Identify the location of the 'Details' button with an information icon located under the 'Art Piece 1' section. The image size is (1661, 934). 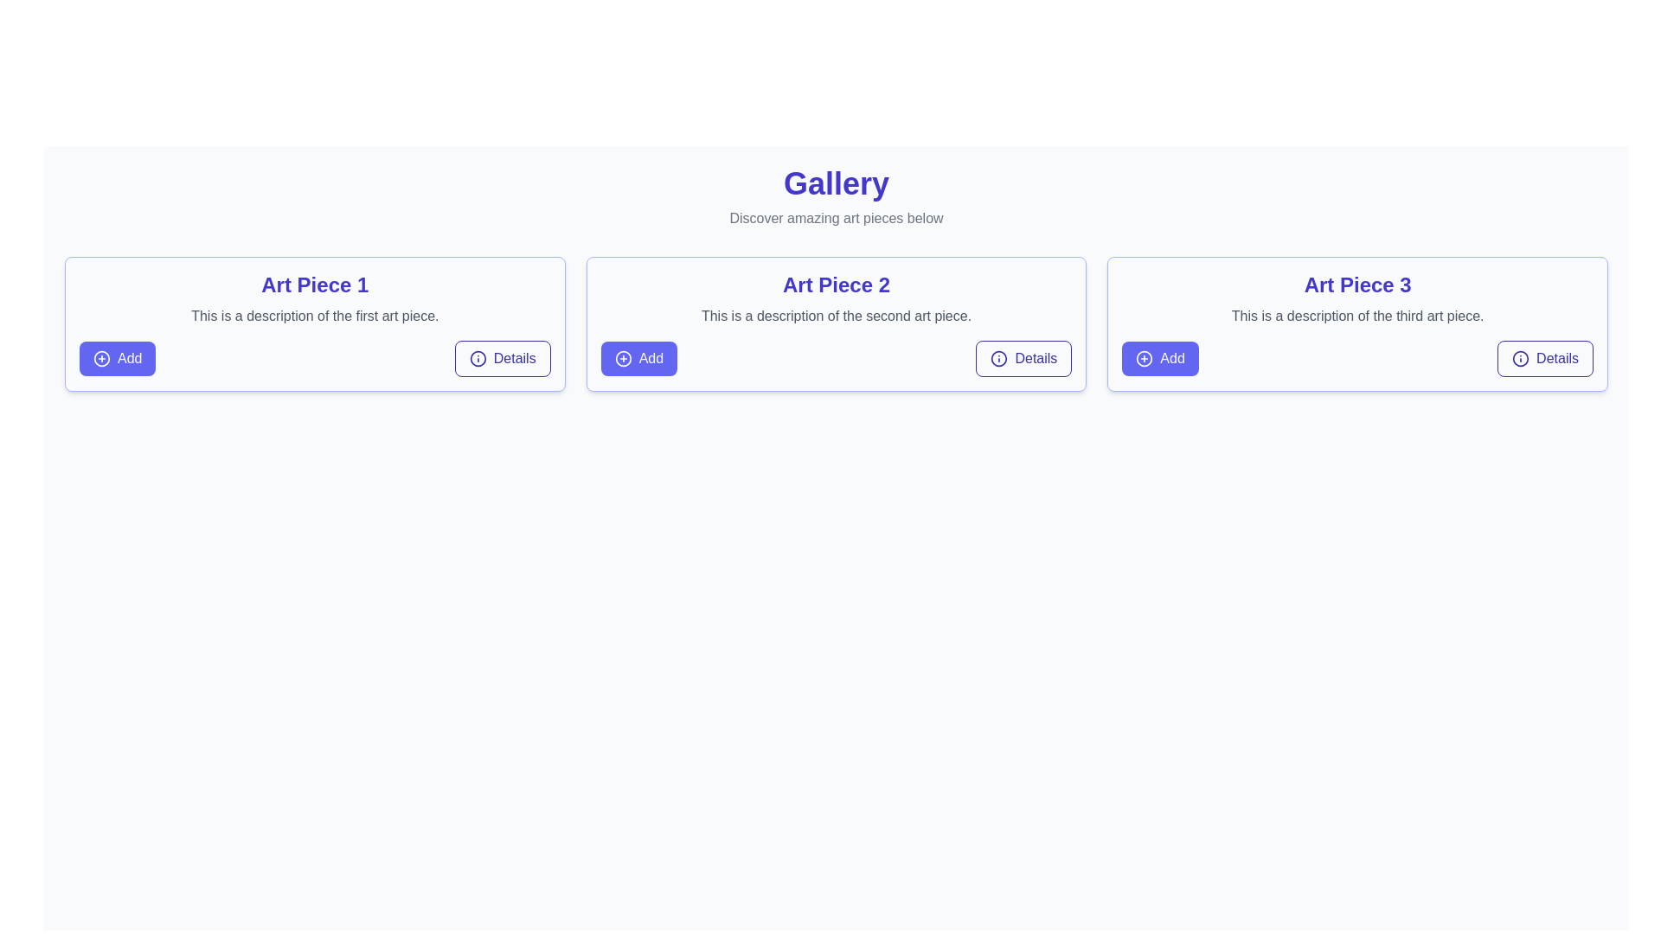
(502, 358).